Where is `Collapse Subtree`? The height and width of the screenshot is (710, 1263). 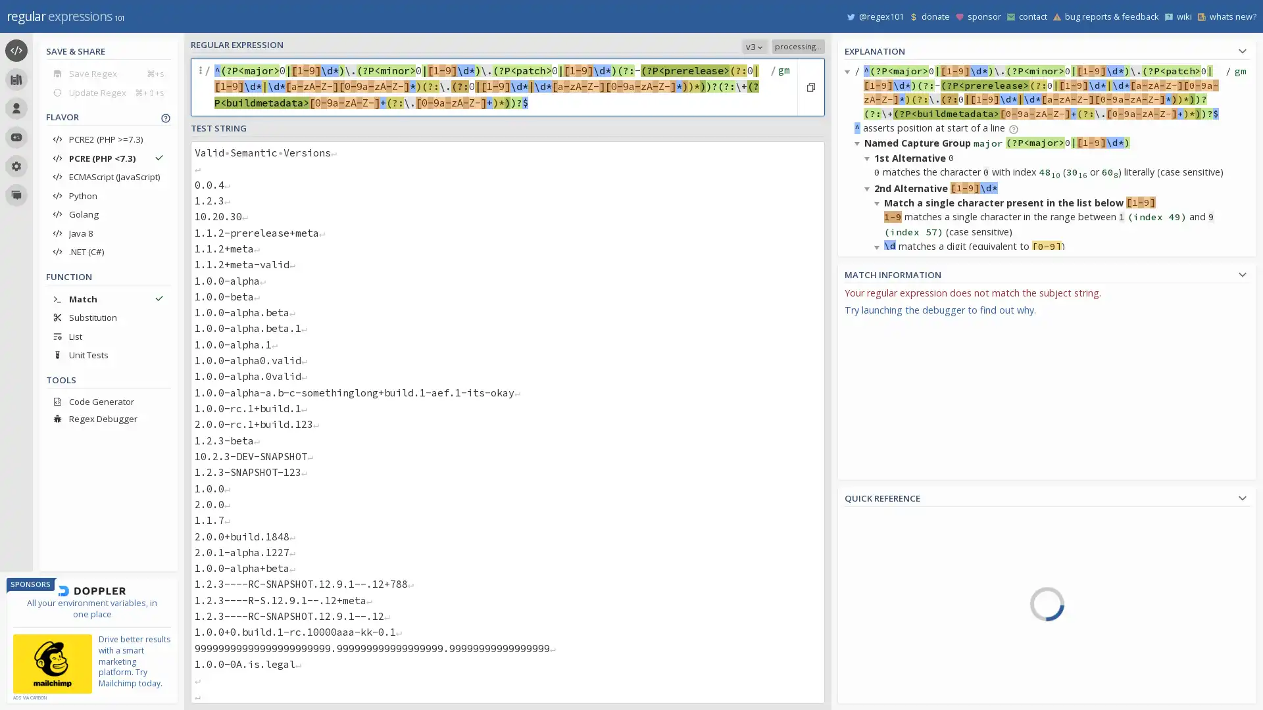 Collapse Subtree is located at coordinates (859, 306).